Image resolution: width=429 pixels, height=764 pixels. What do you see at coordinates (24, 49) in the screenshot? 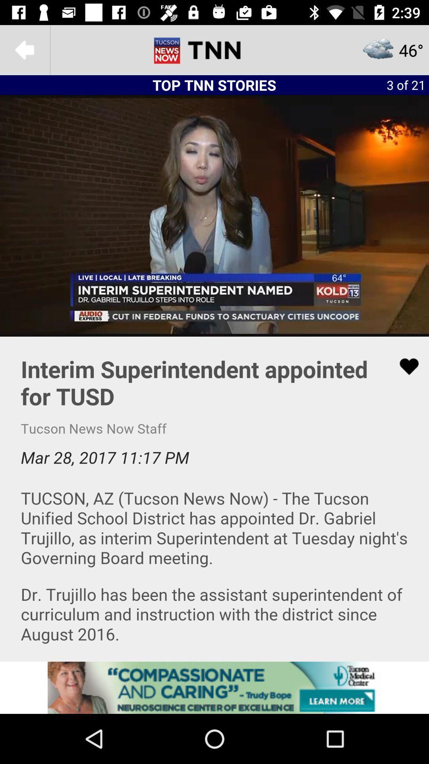
I see `the arrow_backward icon` at bounding box center [24, 49].